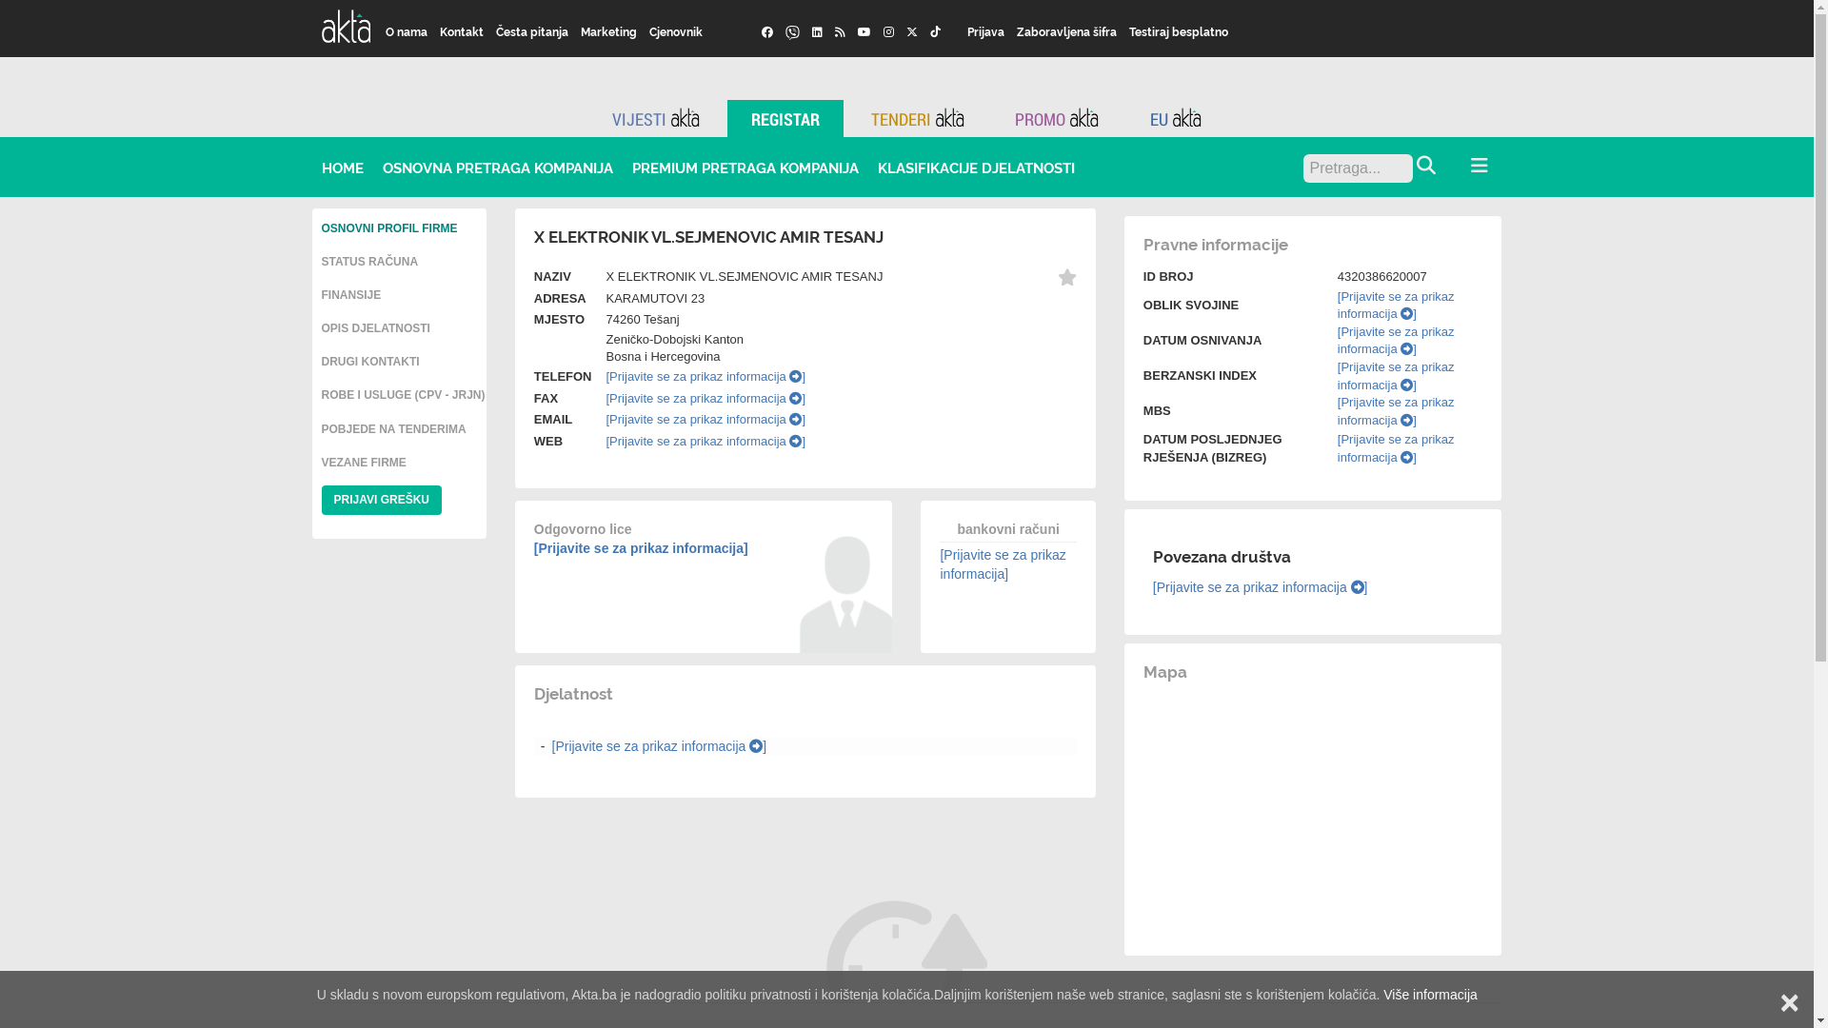 The image size is (1828, 1028). I want to click on 'Testiraj besplatno', so click(1178, 31).